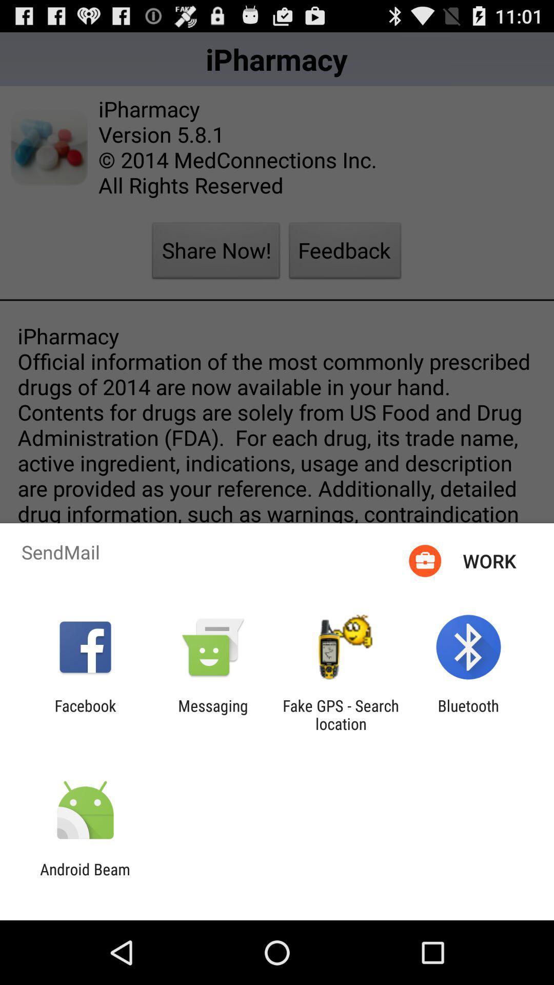 This screenshot has height=985, width=554. Describe the element at coordinates (85, 714) in the screenshot. I see `app next to messaging app` at that location.